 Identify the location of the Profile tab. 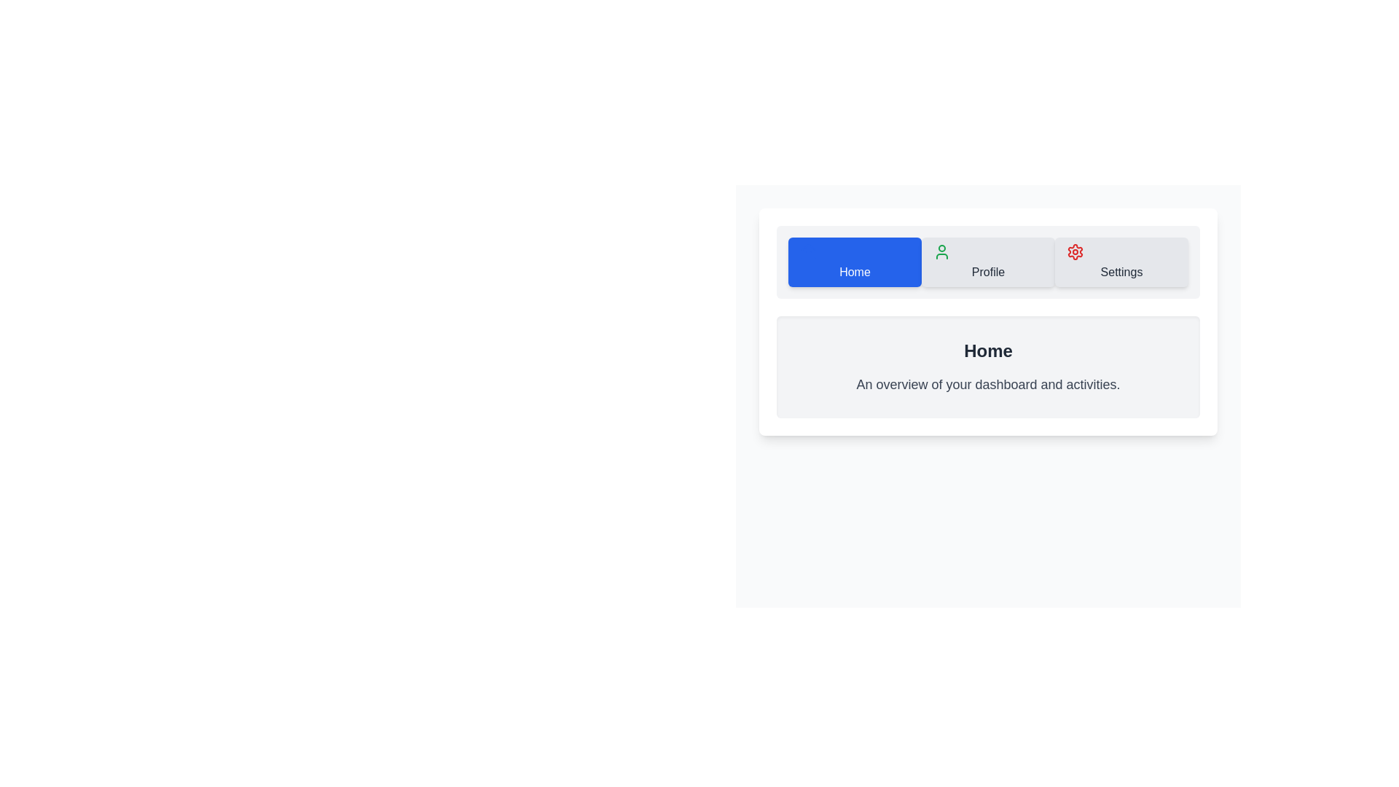
(988, 261).